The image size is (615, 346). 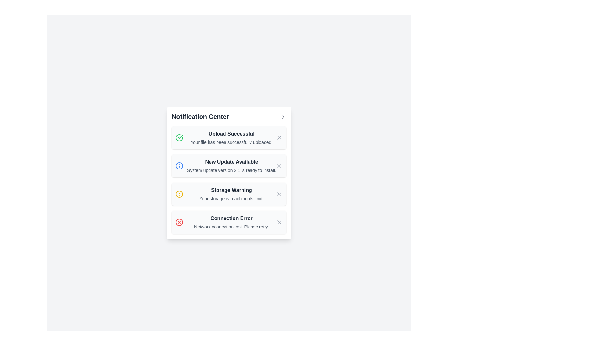 What do you see at coordinates (179, 194) in the screenshot?
I see `the yellow circular outline of the 'Storage Warning' notification in the Notification Center panel` at bounding box center [179, 194].